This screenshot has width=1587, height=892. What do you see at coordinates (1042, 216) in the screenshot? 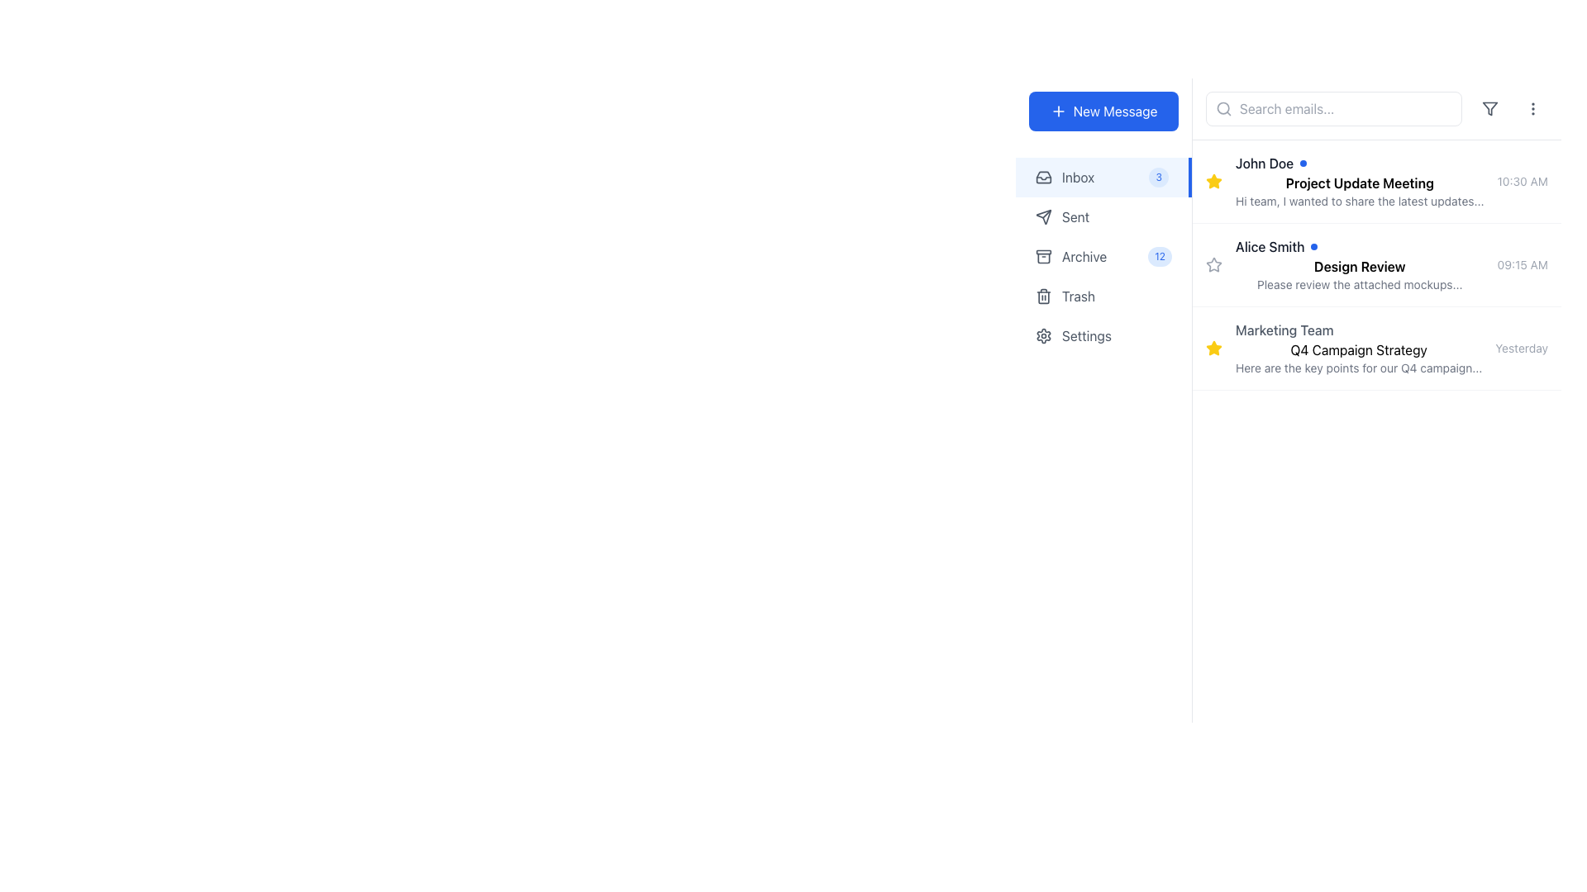
I see `the 'Sent' icon in the sidebar menu, which is located next to the text label 'Sent'` at bounding box center [1042, 216].